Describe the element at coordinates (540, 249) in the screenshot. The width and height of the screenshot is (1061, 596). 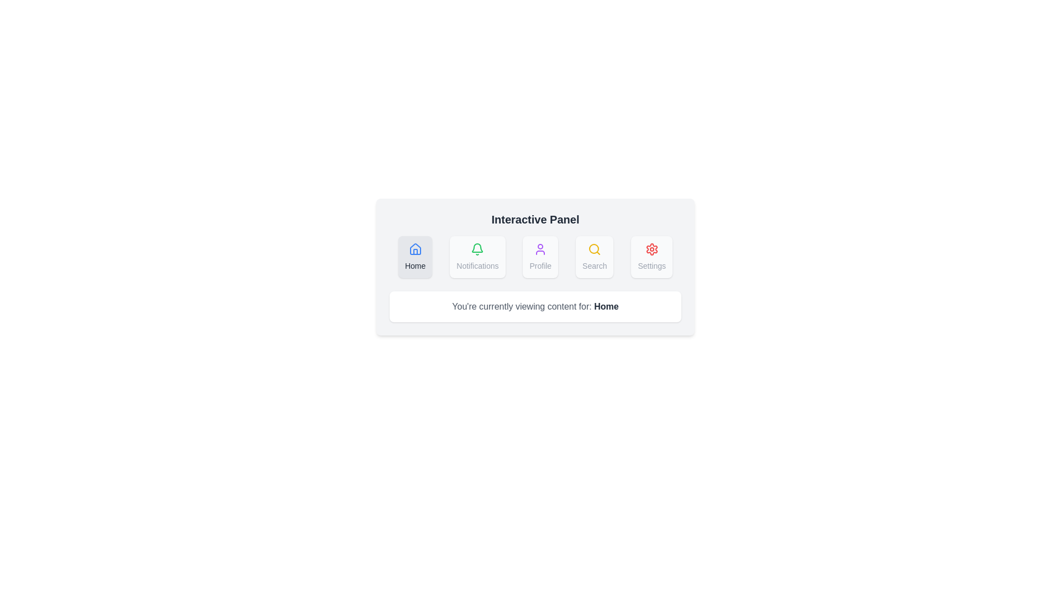
I see `the Profile icon, which is centrally located above the text 'Profile' in the Profile button, the third button in a row of five options` at that location.